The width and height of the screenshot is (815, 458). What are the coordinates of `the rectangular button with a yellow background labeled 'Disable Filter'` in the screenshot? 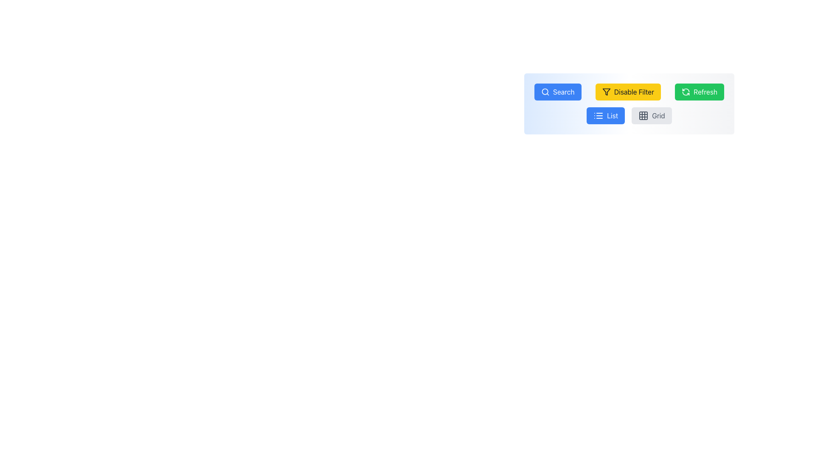 It's located at (628, 92).